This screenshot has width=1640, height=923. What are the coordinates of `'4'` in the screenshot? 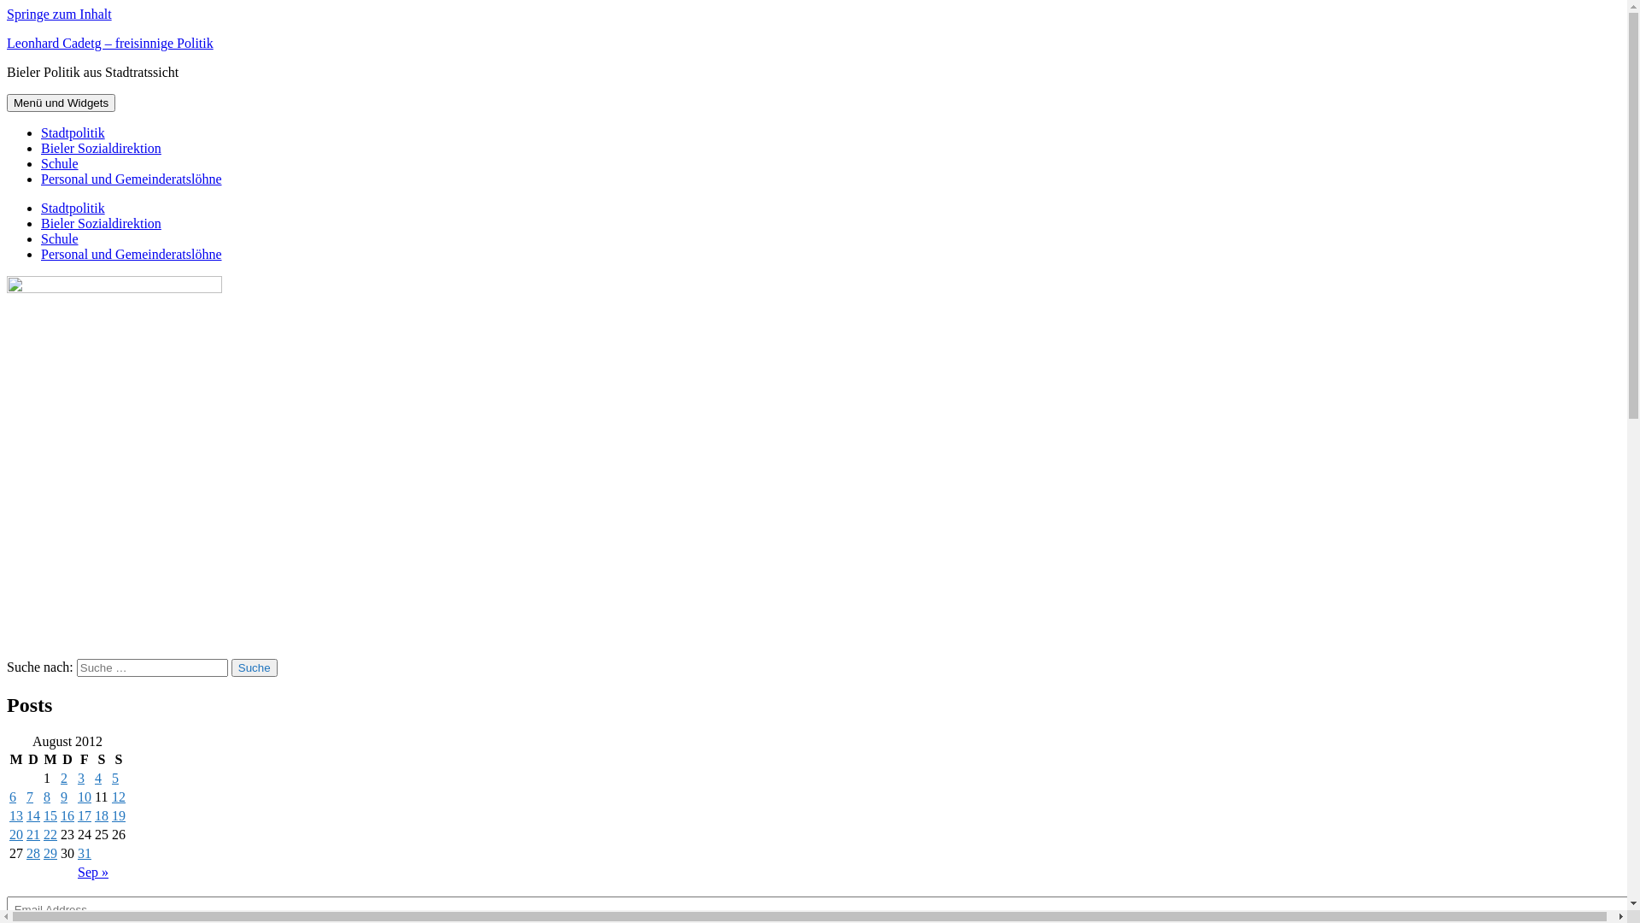 It's located at (97, 778).